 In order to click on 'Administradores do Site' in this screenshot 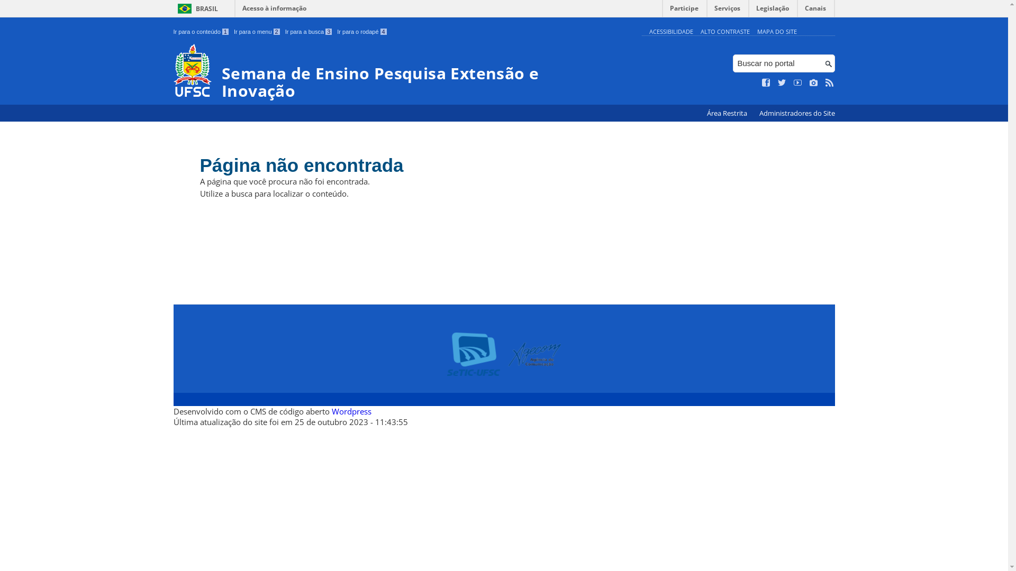, I will do `click(796, 113)`.